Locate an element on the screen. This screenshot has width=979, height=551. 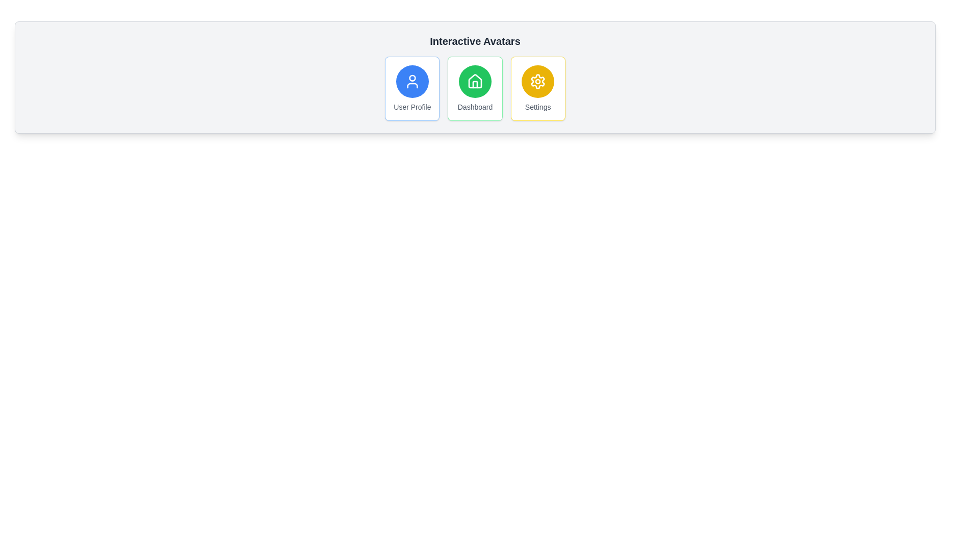
the decorative house icon in the Dashboard section of the interface is located at coordinates (474, 84).